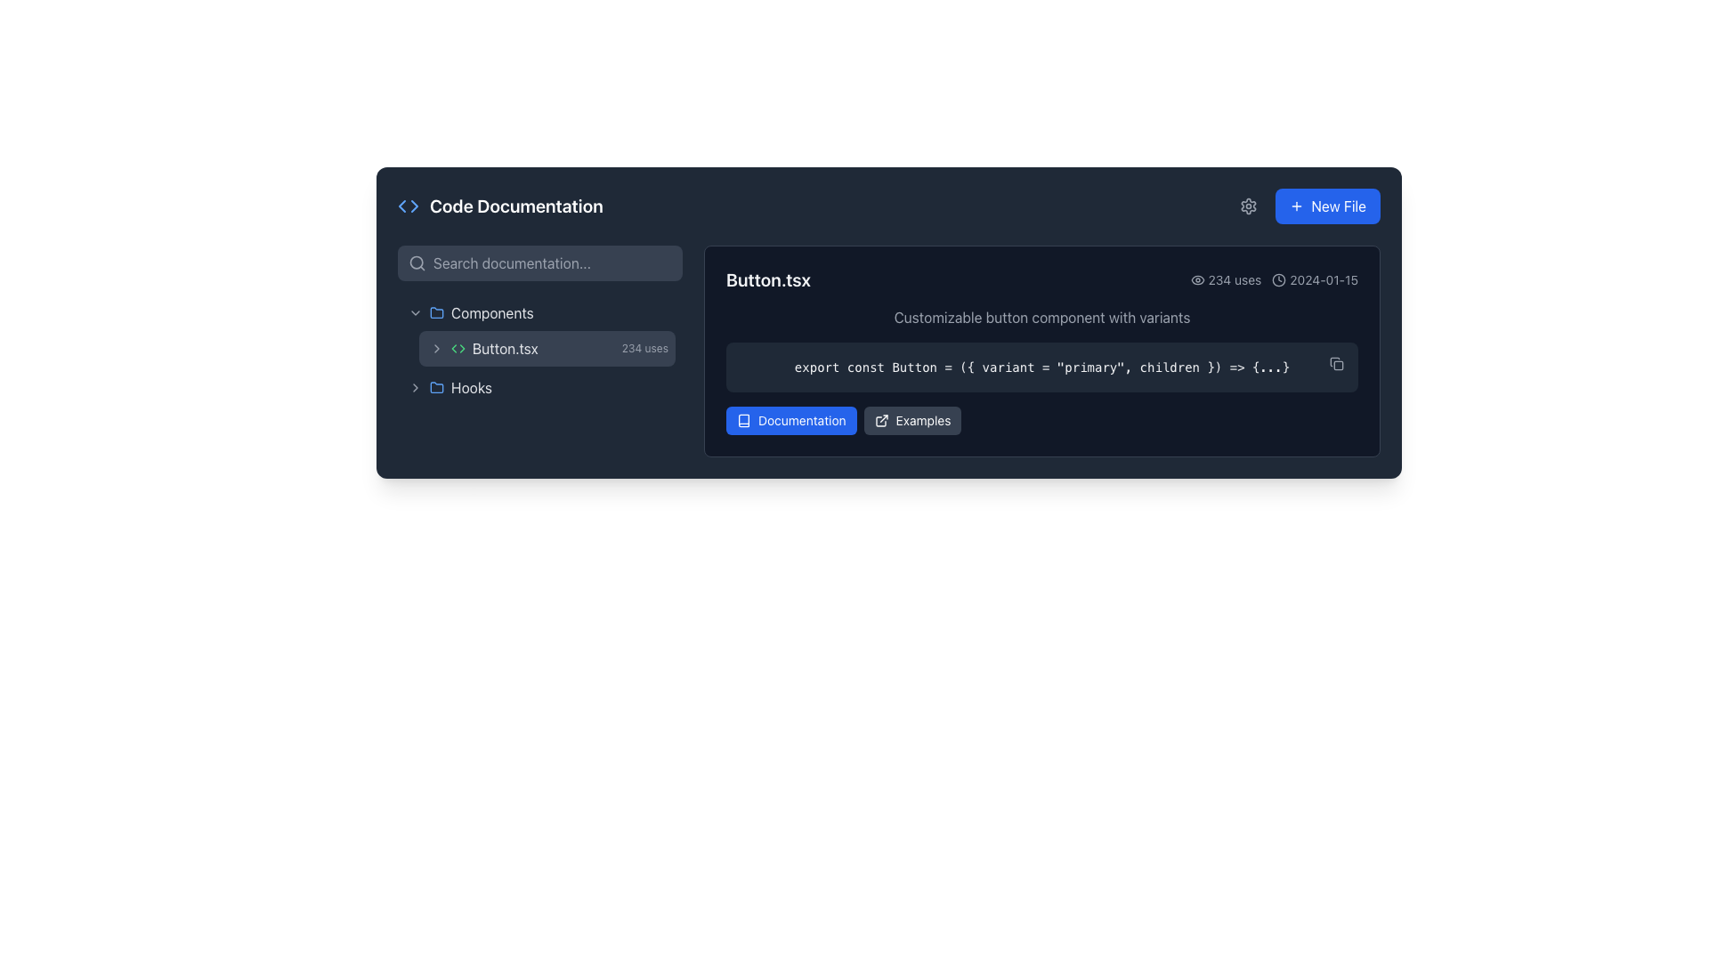  What do you see at coordinates (539, 350) in the screenshot?
I see `the list item with the file name 'Button.tsx', which is the second entry under 'Components' in the navigation menu` at bounding box center [539, 350].